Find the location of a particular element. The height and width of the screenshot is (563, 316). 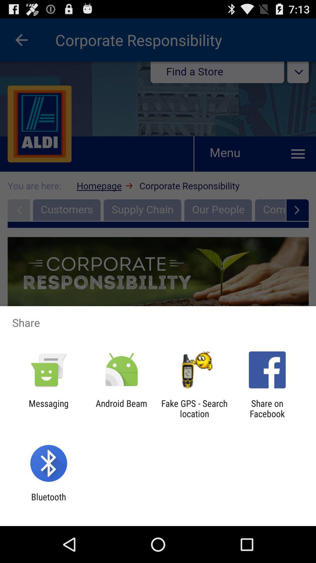

android beam item is located at coordinates (121, 408).